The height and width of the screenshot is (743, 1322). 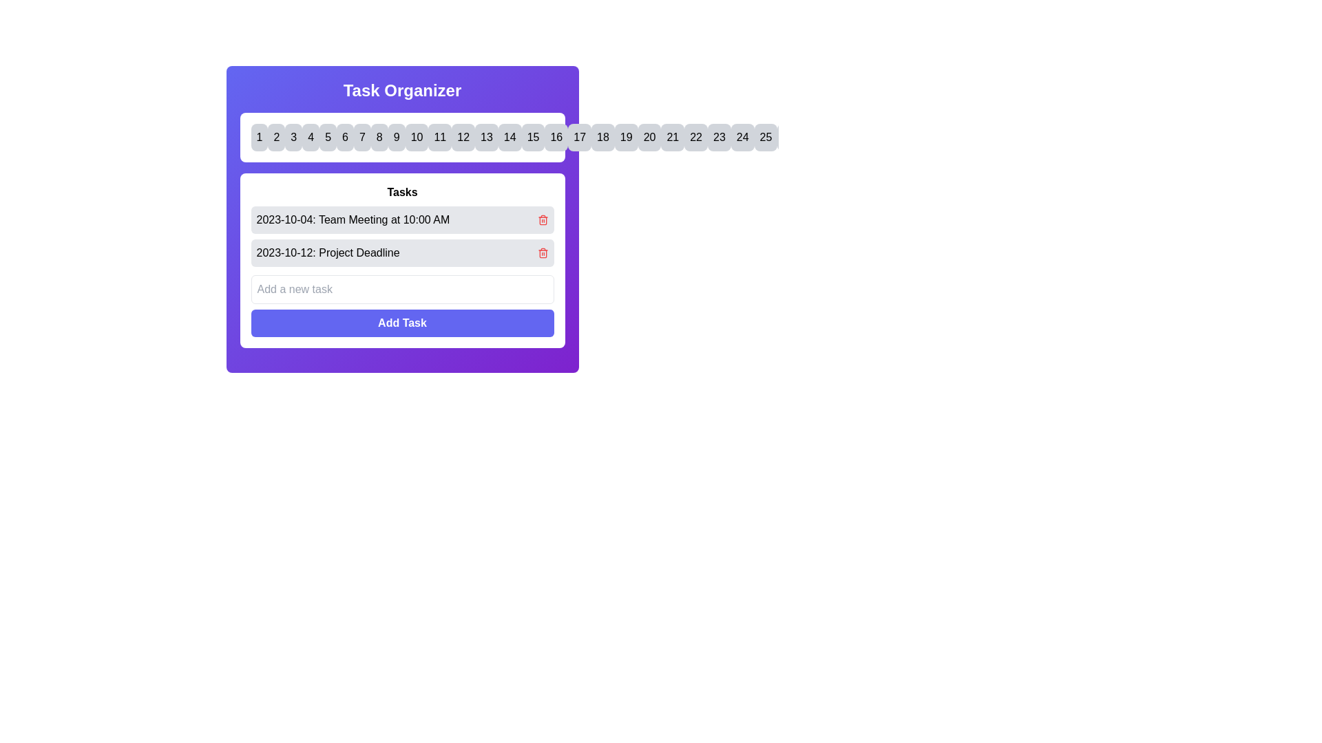 What do you see at coordinates (486, 138) in the screenshot?
I see `the Button representing the number '13' in the 'Task Organizer'` at bounding box center [486, 138].